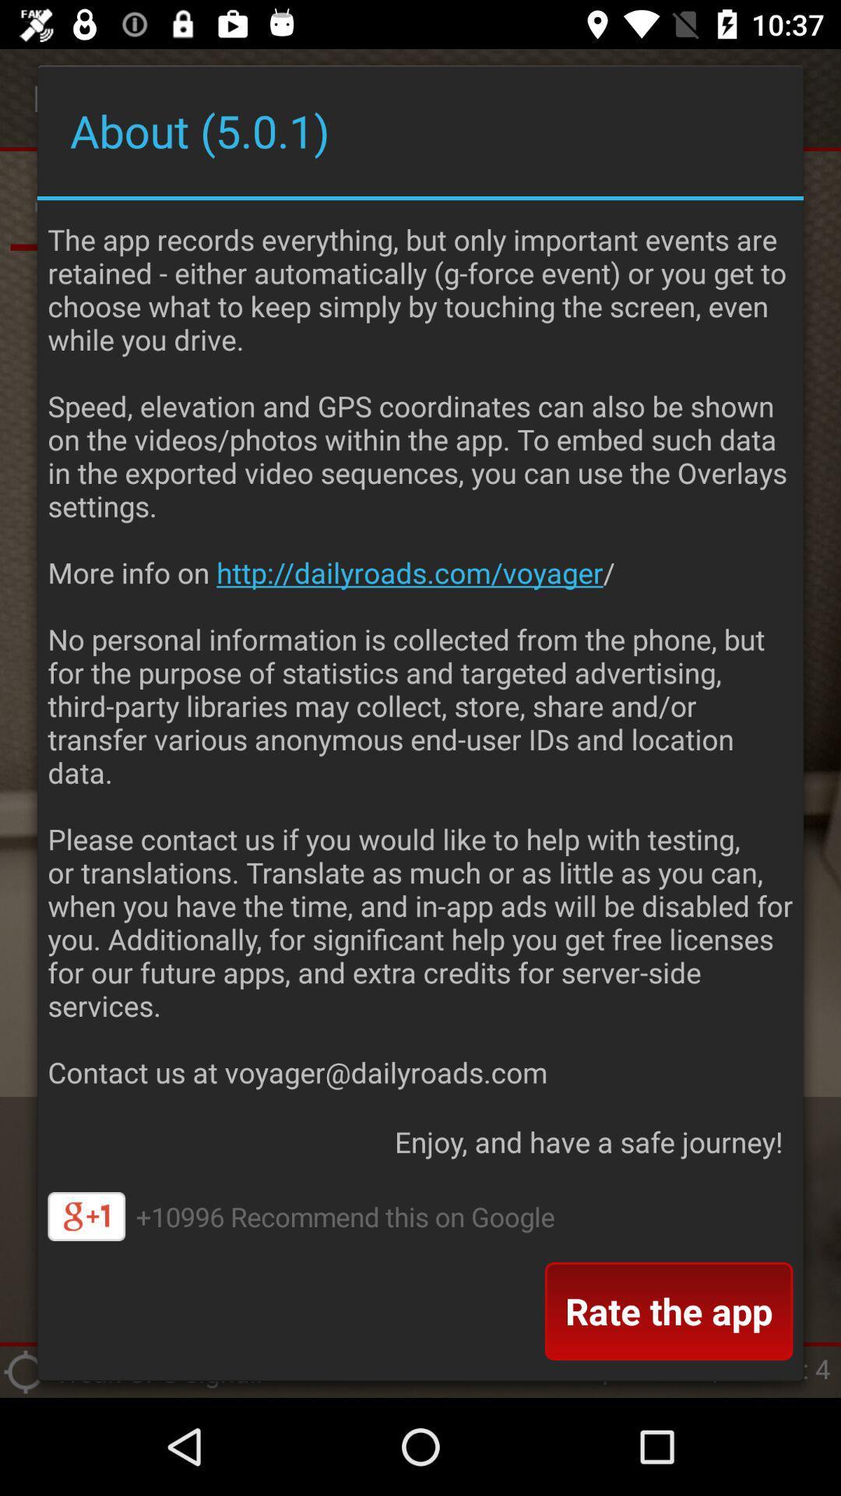  I want to click on app above the enjoy and have, so click(420, 651).